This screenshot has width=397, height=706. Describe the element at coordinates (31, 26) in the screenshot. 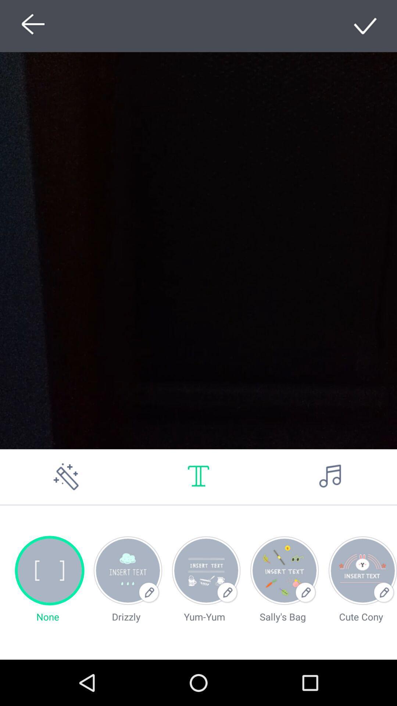

I see `previous` at that location.